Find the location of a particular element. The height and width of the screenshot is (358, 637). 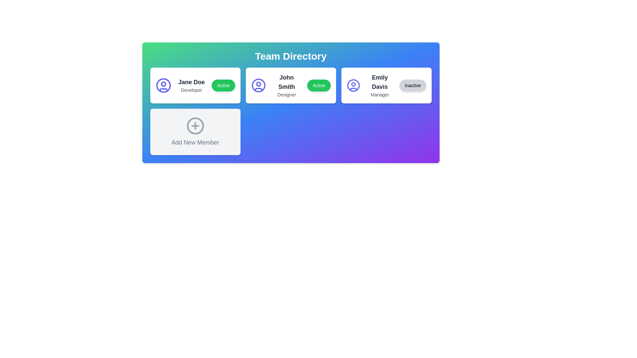

the outermost SVG circle that encloses the plus icon within the 'Add New Member' button, which serves as a decorative boundary for the icon is located at coordinates (195, 126).